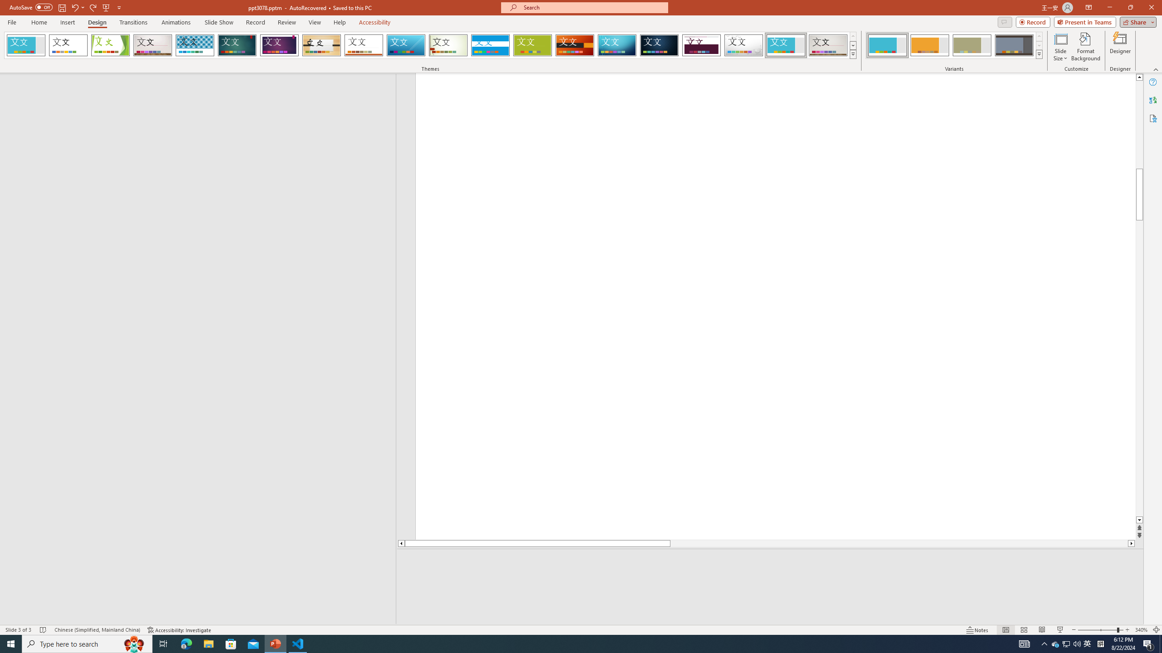 This screenshot has width=1162, height=653. What do you see at coordinates (853, 54) in the screenshot?
I see `'Themes'` at bounding box center [853, 54].